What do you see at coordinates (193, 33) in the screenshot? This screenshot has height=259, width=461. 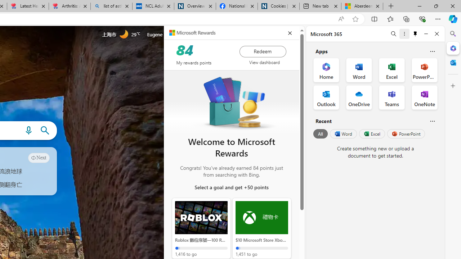 I see `'Microsoft Rewards'` at bounding box center [193, 33].